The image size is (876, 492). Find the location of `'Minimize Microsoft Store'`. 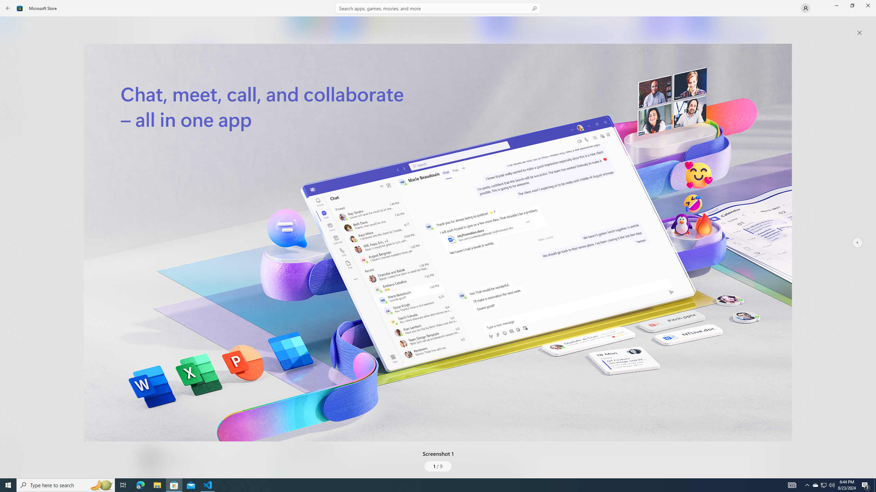

'Minimize Microsoft Store' is located at coordinates (836, 5).